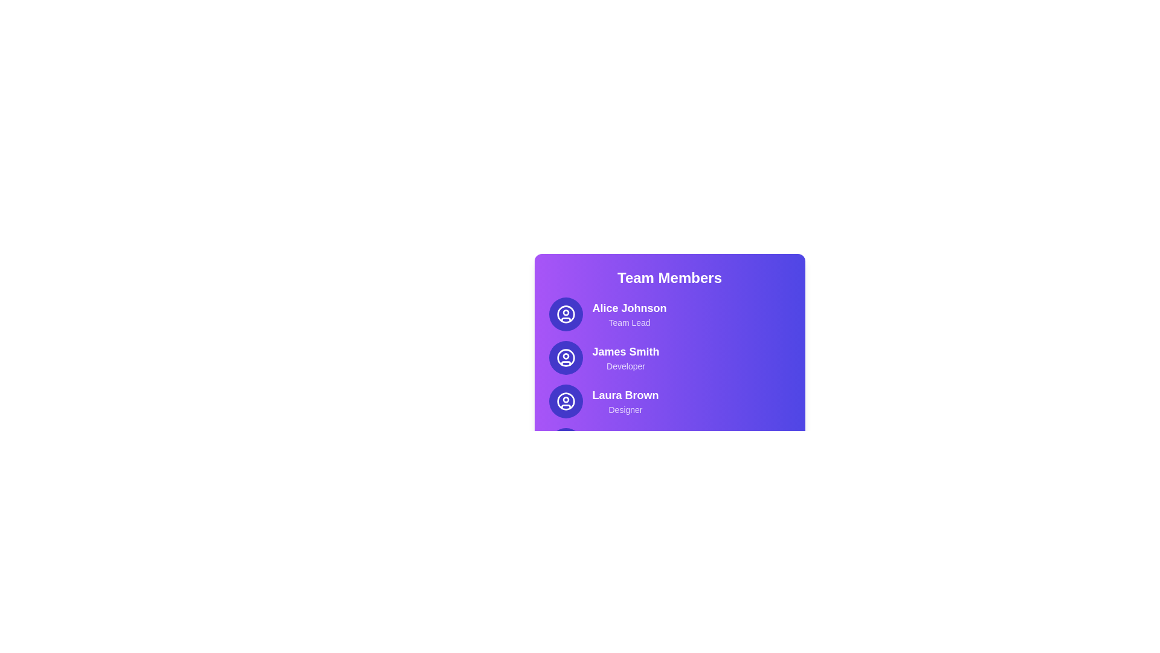 Image resolution: width=1160 pixels, height=653 pixels. What do you see at coordinates (565, 401) in the screenshot?
I see `the Circular profile icon for user 'Laura Brown' to initiate potential interaction` at bounding box center [565, 401].